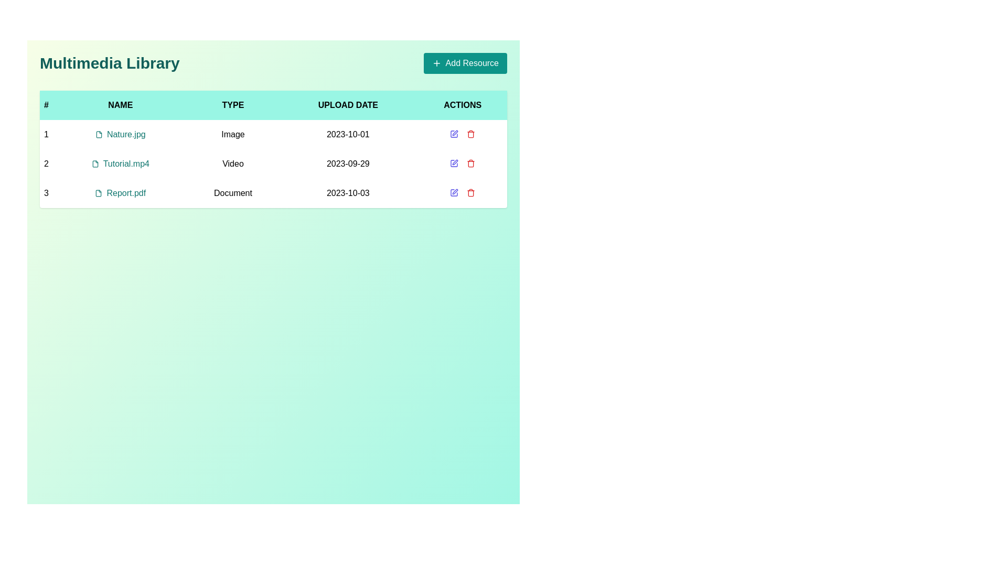 This screenshot has width=1007, height=566. What do you see at coordinates (120, 164) in the screenshot?
I see `the 'Tutorial.mp4' text entry with a document icon in the second row of the table layout` at bounding box center [120, 164].